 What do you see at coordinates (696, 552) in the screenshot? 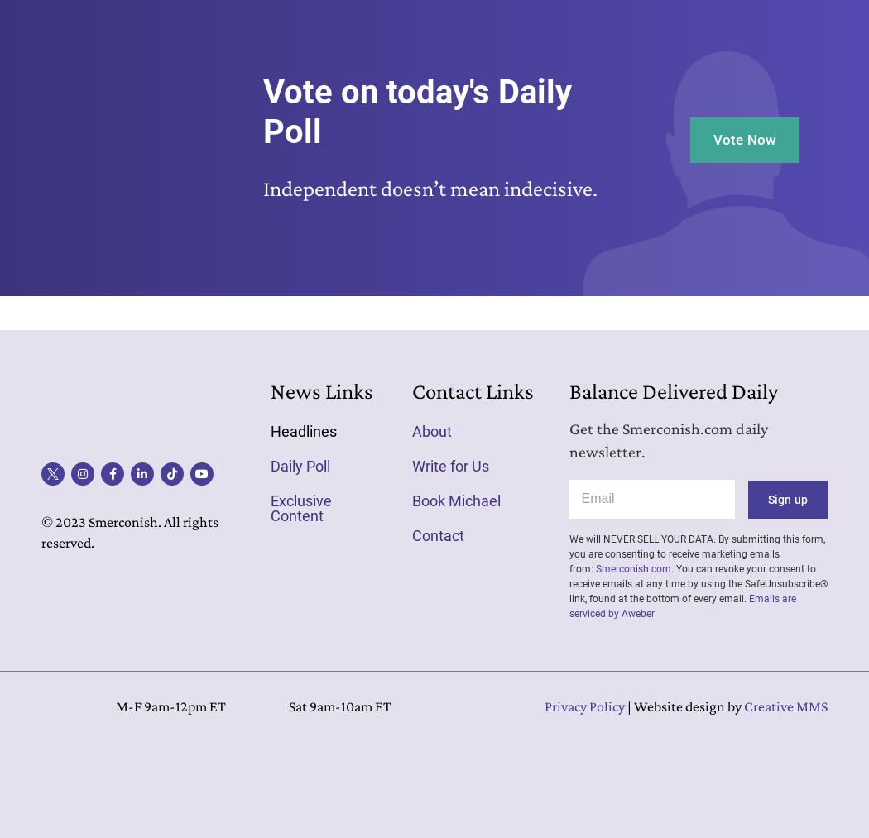
I see `'We will NEVER SELL YOUR DATA. By submitting this form, you are consenting to receive marketing emails from:'` at bounding box center [696, 552].